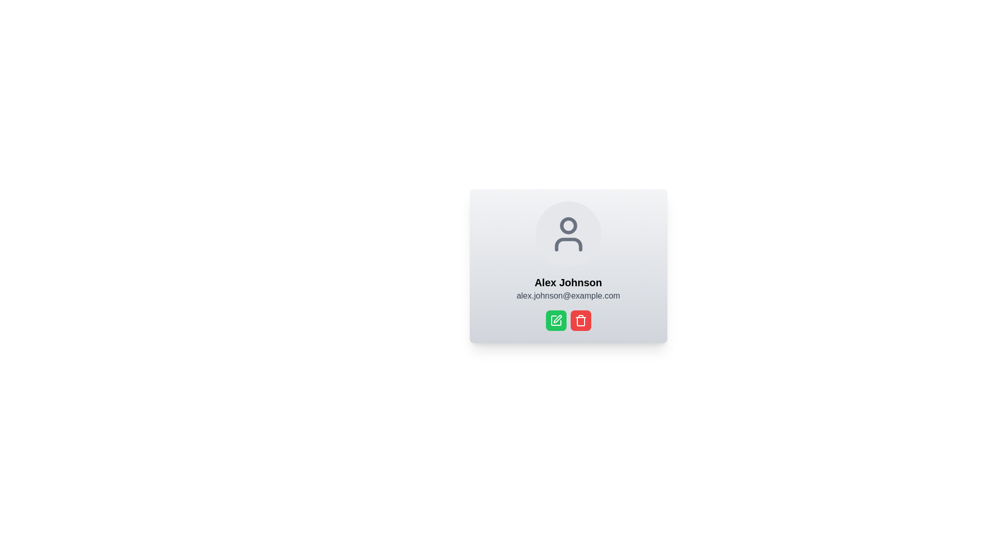 This screenshot has height=555, width=988. What do you see at coordinates (580, 320) in the screenshot?
I see `the delete icon button with a red background located at the bottom right corner of the card` at bounding box center [580, 320].